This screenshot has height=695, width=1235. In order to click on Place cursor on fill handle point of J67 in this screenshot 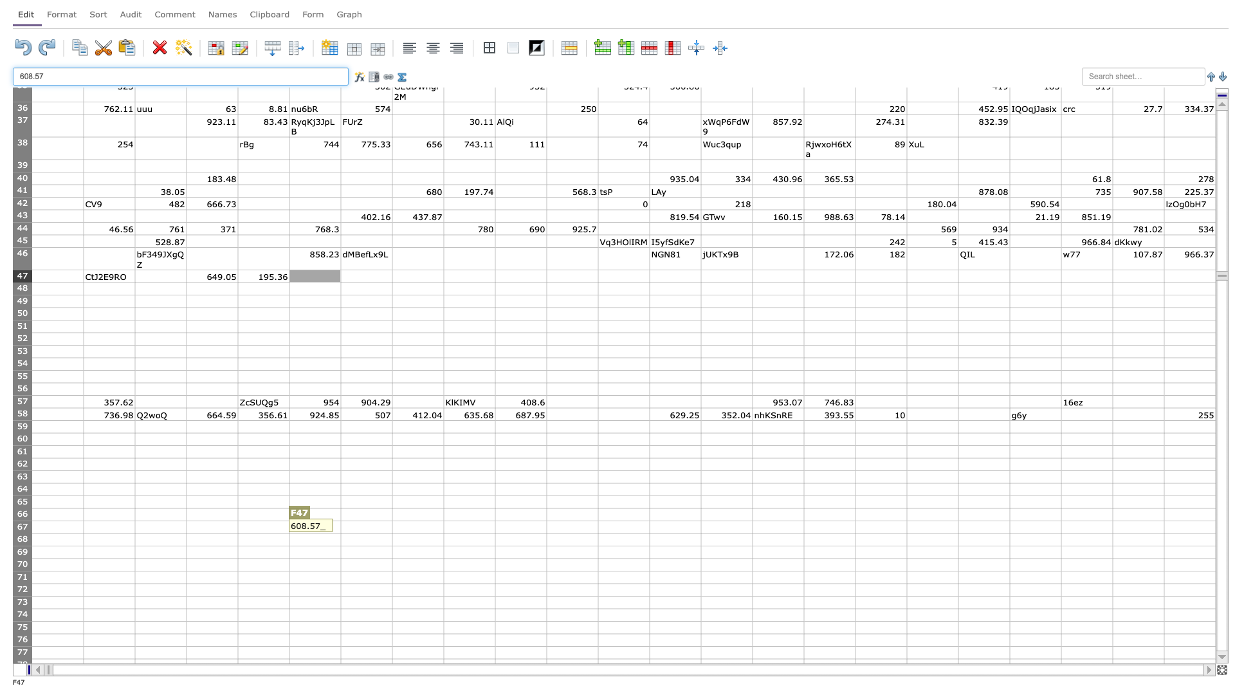, I will do `click(546, 533)`.